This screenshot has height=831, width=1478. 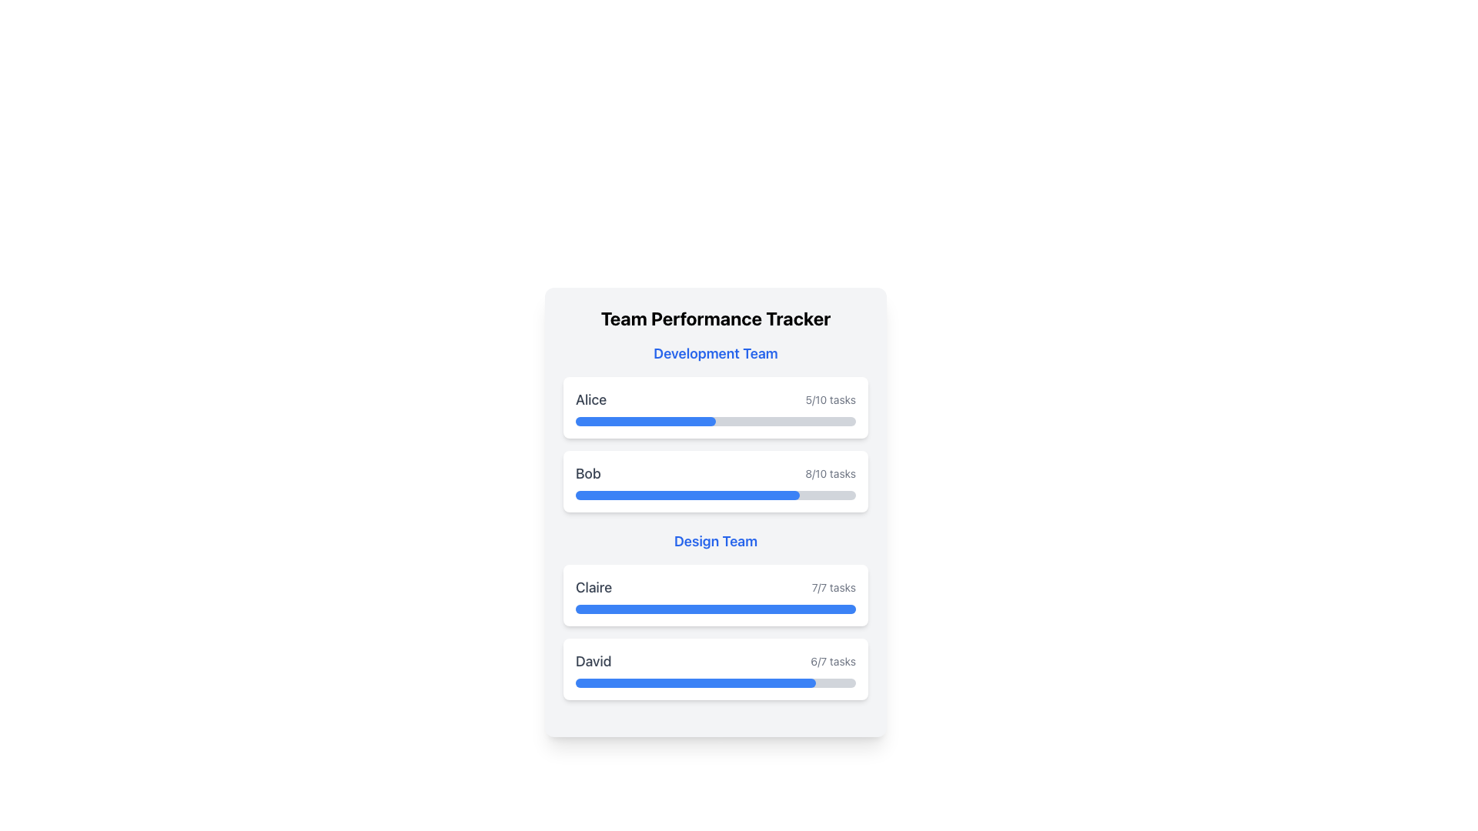 What do you see at coordinates (715, 614) in the screenshot?
I see `information displayed in the Informational Panel titled 'Design Team', which includes the progress of team members Claire and David` at bounding box center [715, 614].